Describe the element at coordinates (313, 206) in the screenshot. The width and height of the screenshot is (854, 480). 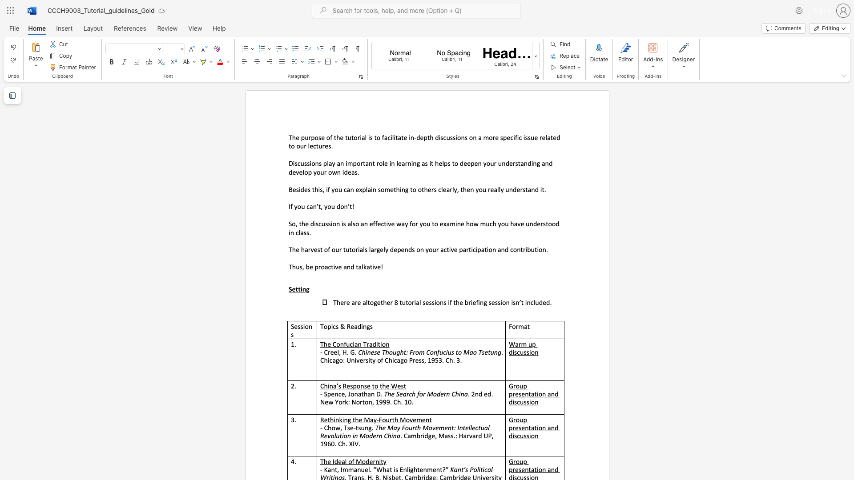
I see `the space between the continuous character "a" and "n" in the text` at that location.